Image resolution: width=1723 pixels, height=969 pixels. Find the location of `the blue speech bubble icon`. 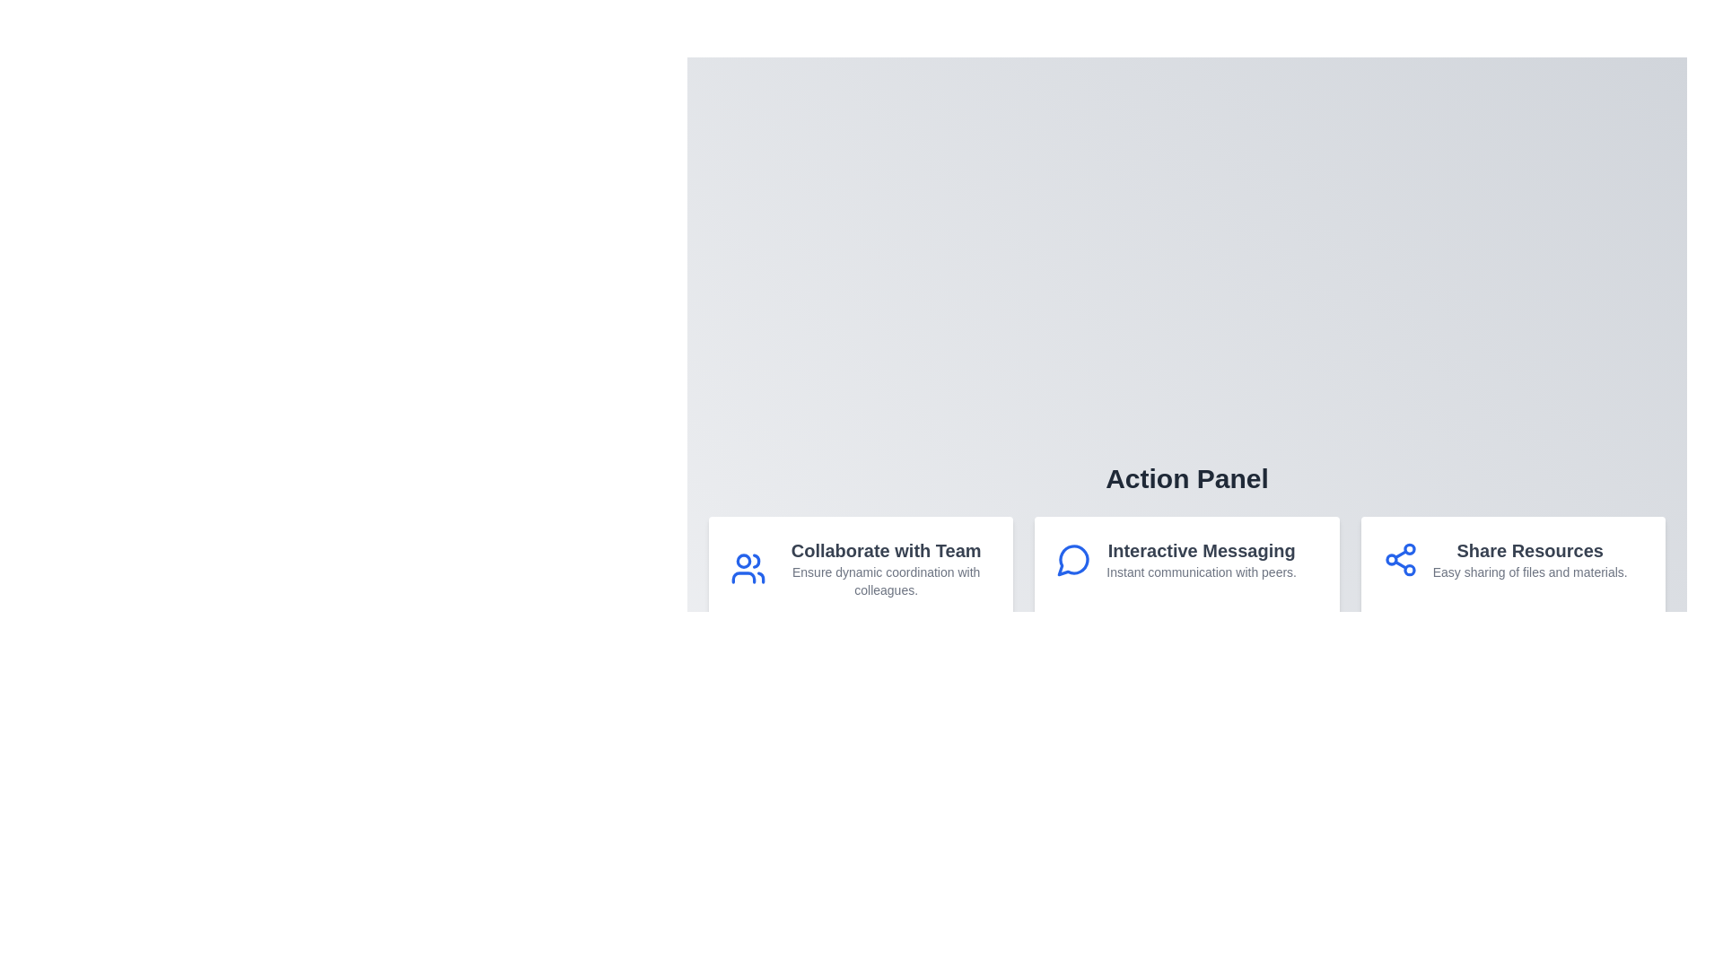

the blue speech bubble icon is located at coordinates (1074, 559).